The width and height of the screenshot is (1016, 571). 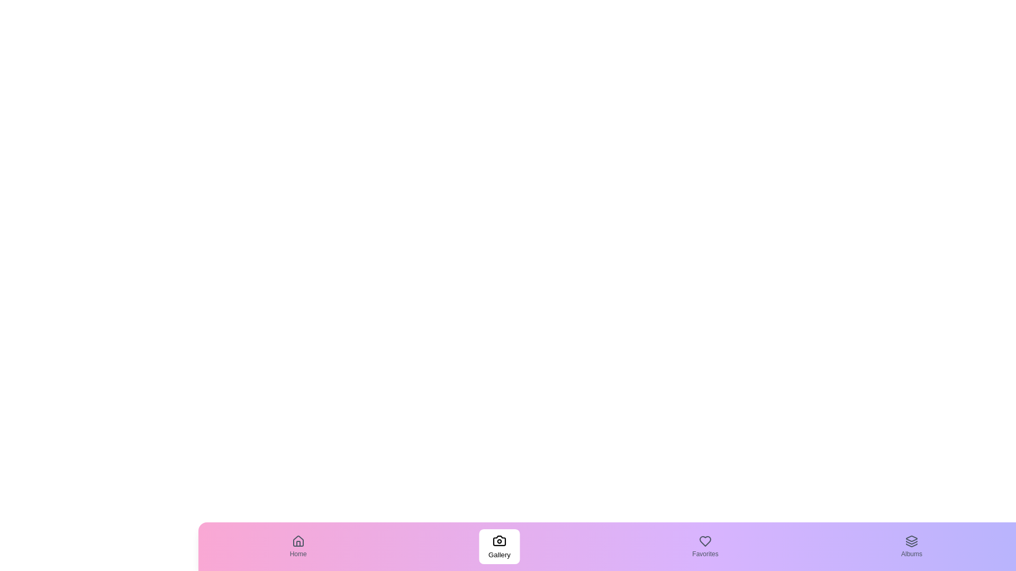 What do you see at coordinates (705, 546) in the screenshot?
I see `the tab labeled Favorites to observe its hover effect` at bounding box center [705, 546].